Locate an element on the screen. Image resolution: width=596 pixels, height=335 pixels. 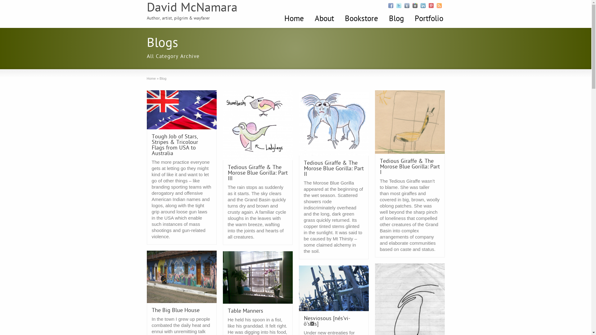
'Tedious Giraffe & The Morose Blue Gorilla: Part III' is located at coordinates (258, 173).